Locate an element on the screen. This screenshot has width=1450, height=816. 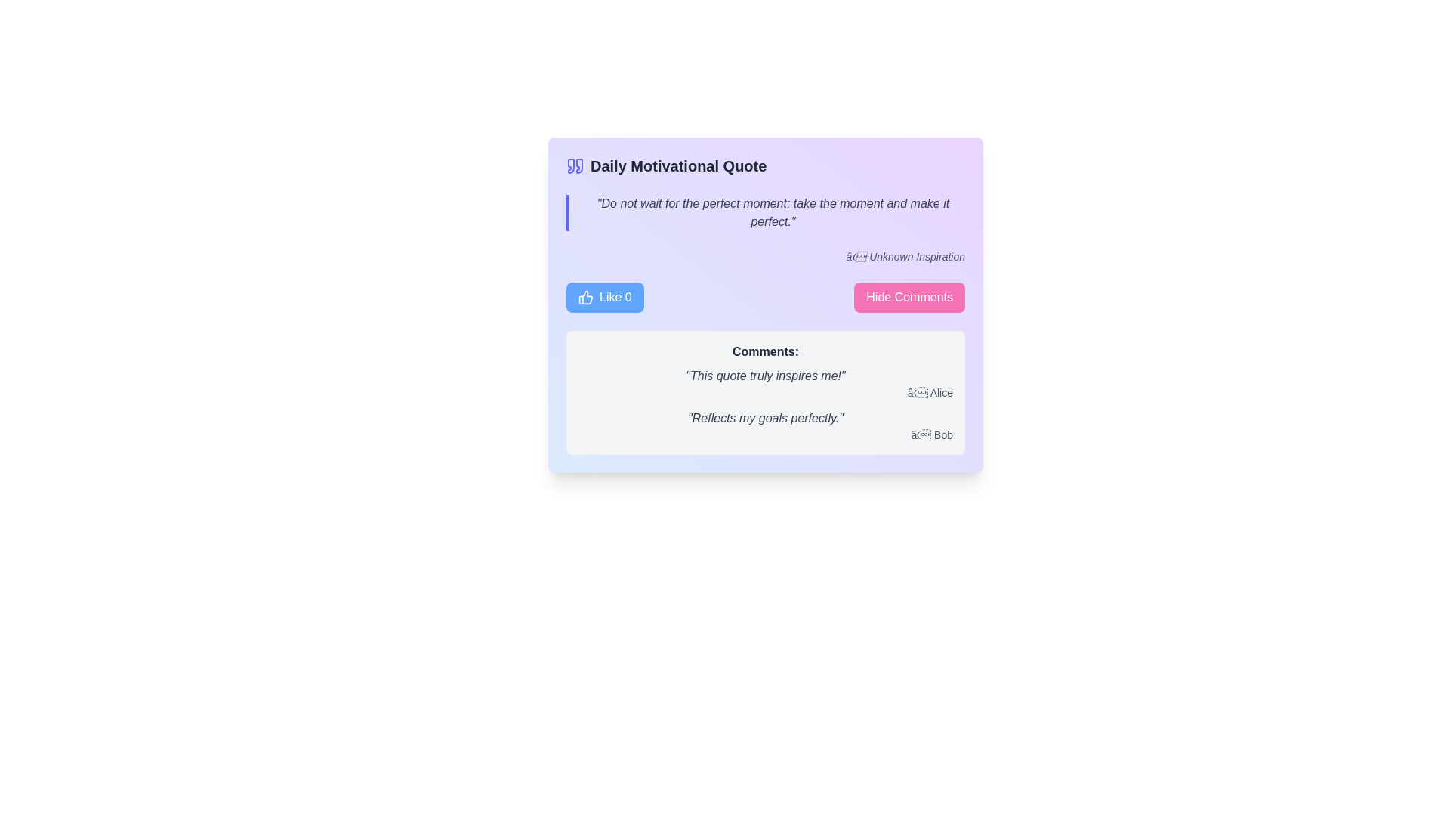
the blue left-facing quotation mark icon located in the header section next to the 'Daily Motivational Quote' text is located at coordinates (575, 165).